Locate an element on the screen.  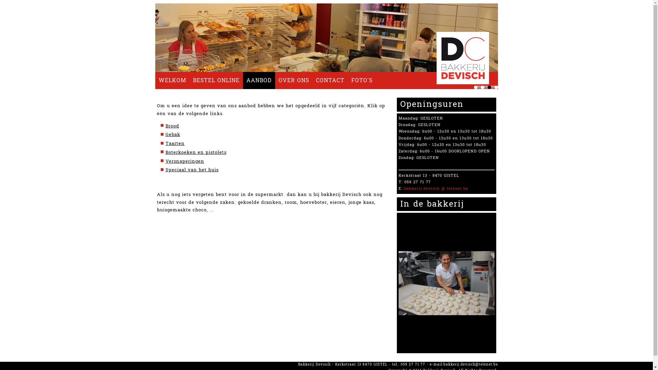
'Boterkoeken en pistolets' is located at coordinates (195, 152).